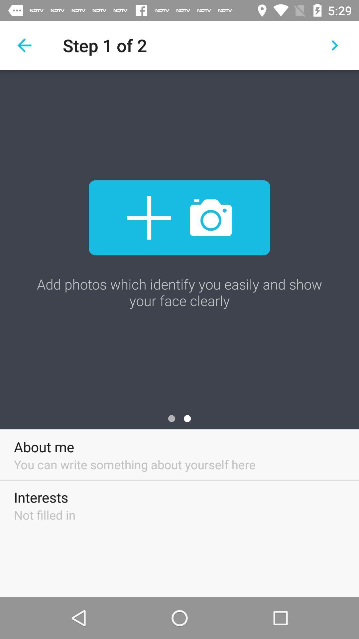  I want to click on item at the top right corner, so click(334, 45).